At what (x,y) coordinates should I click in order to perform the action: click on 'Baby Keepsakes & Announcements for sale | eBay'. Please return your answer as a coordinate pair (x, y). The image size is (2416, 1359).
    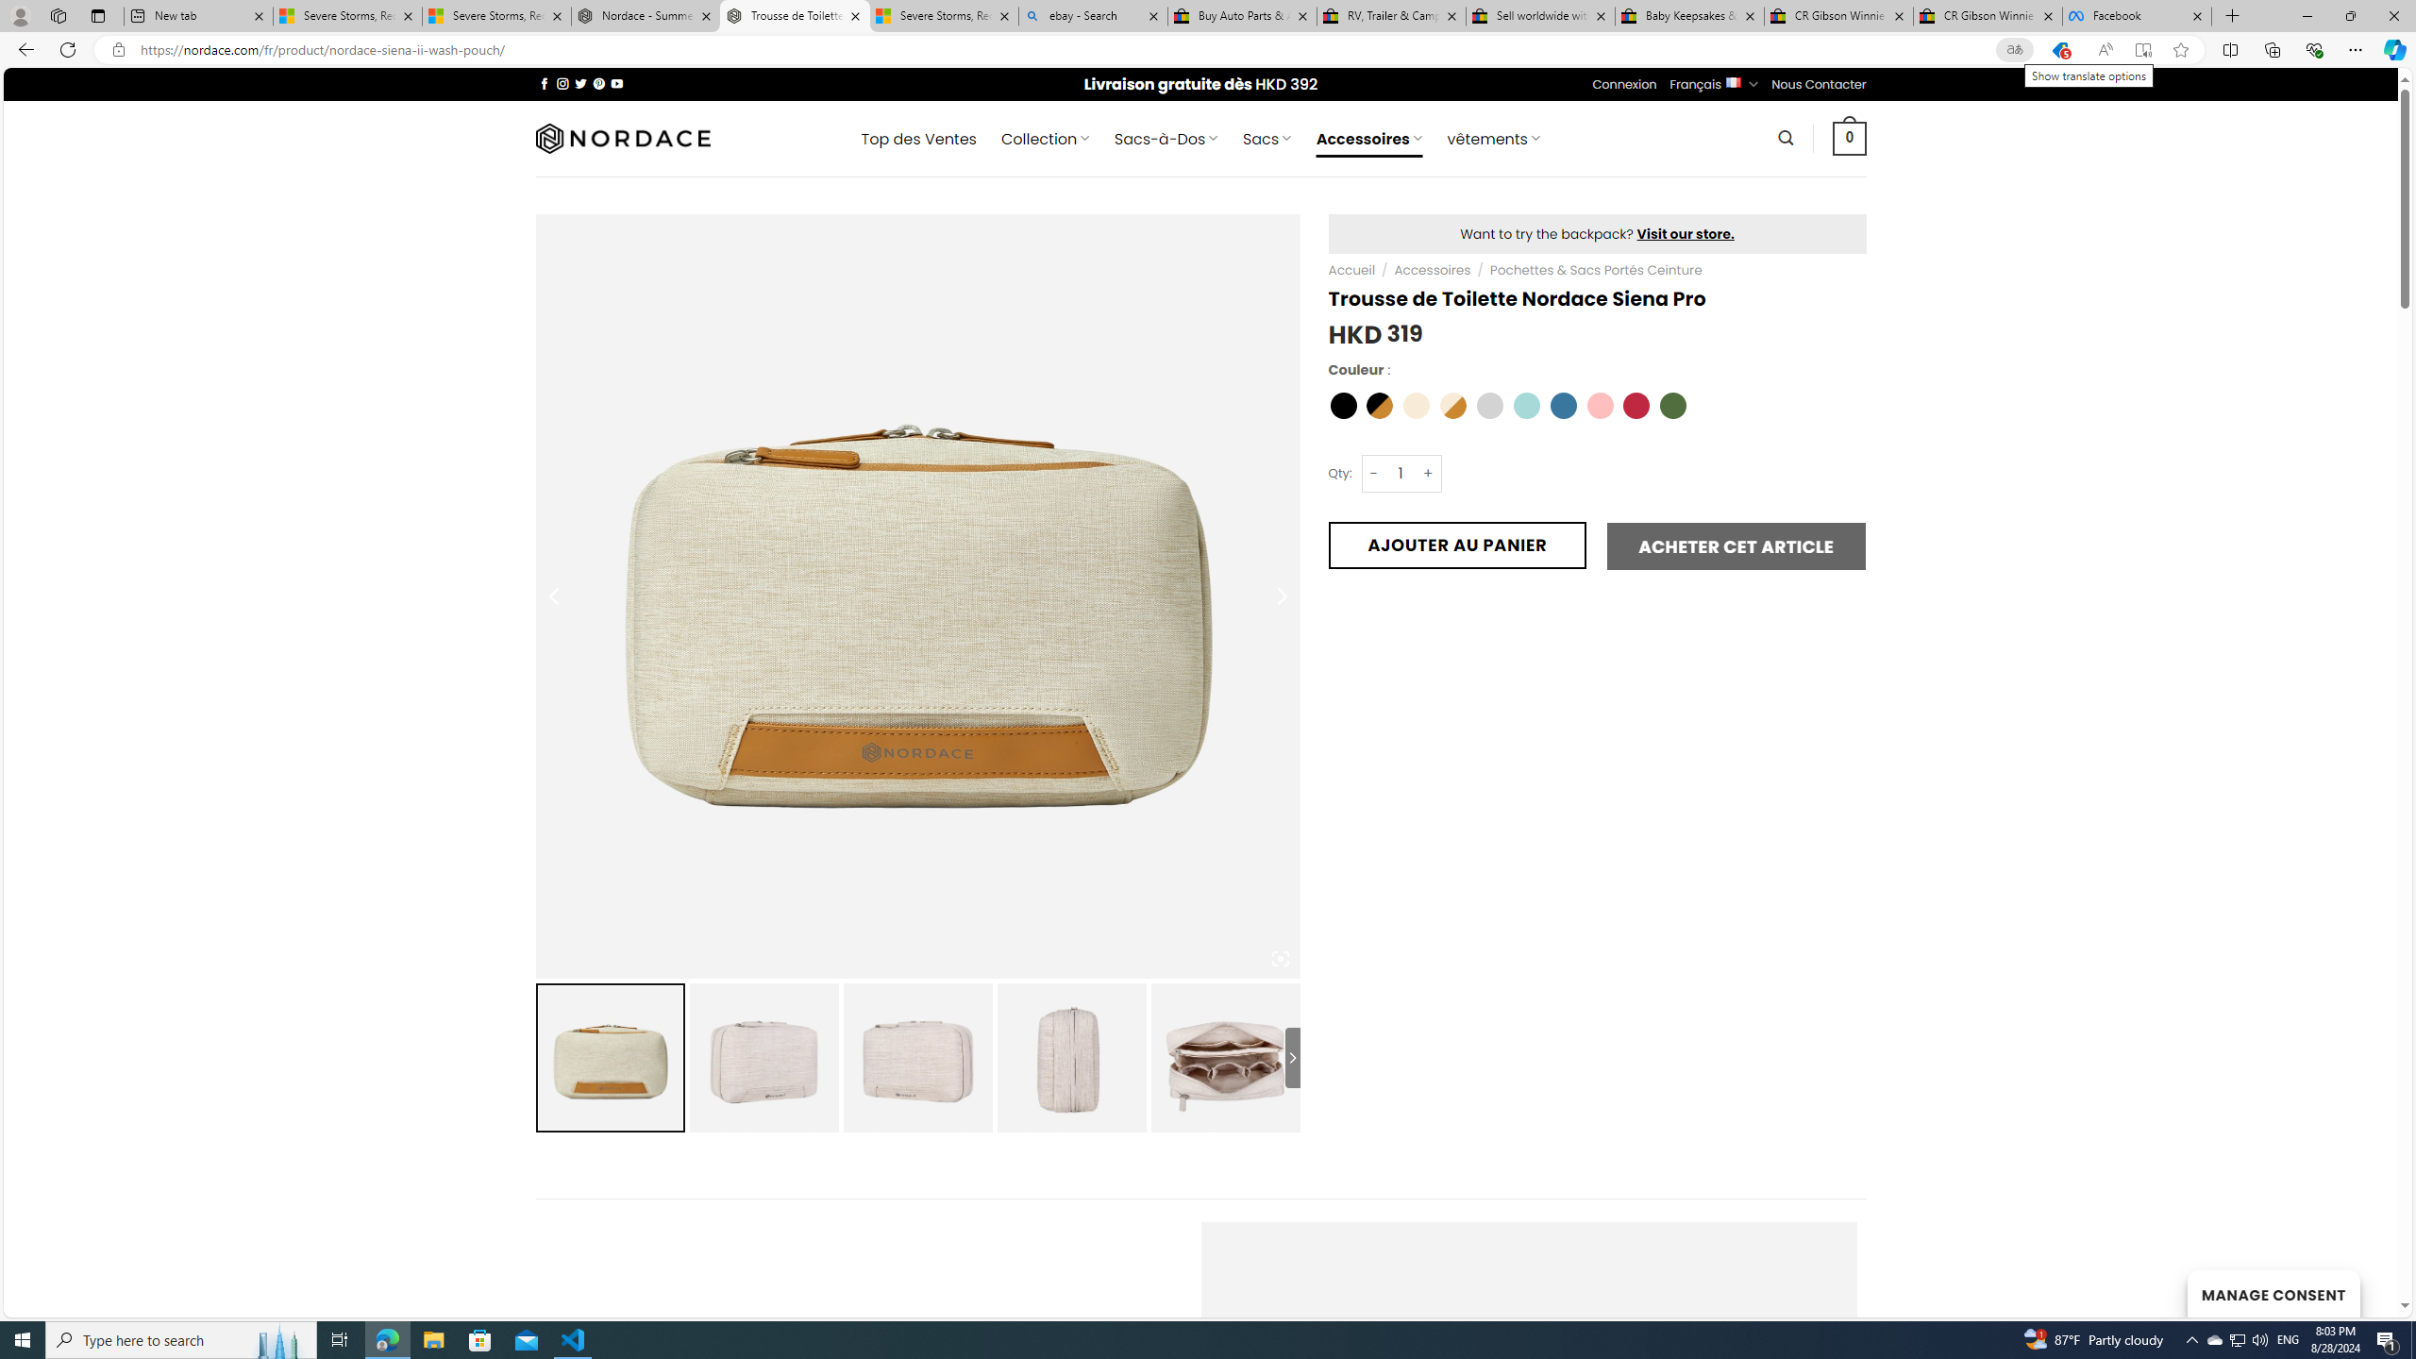
    Looking at the image, I should click on (1688, 15).